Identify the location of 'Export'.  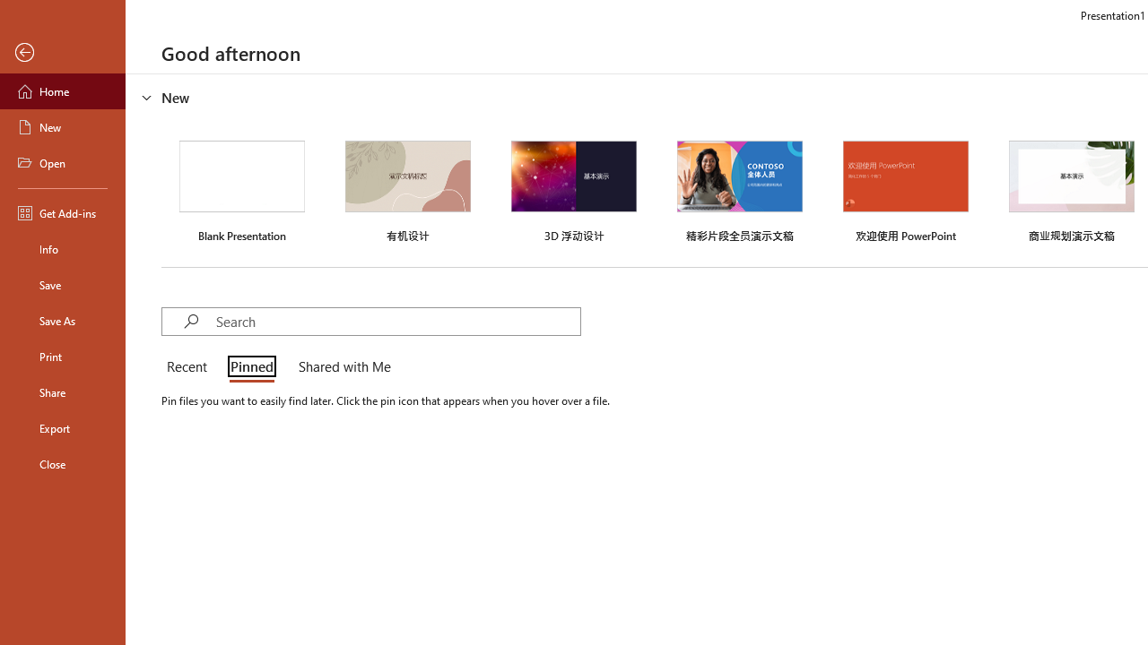
(62, 428).